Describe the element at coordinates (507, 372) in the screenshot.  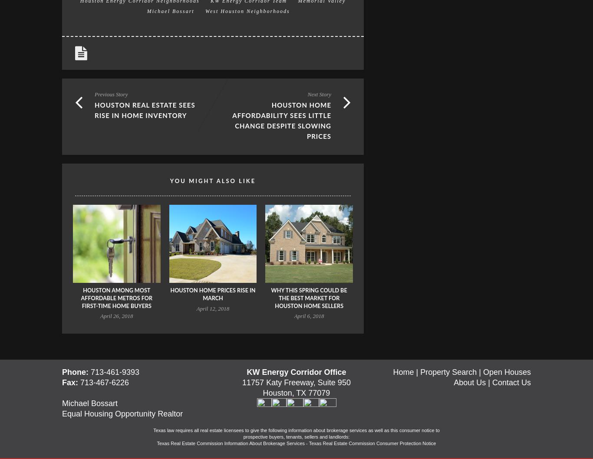
I see `'Open Houses'` at that location.